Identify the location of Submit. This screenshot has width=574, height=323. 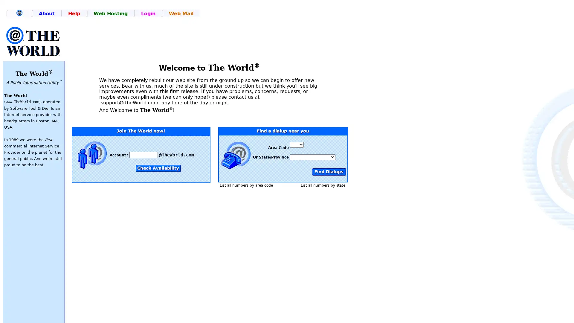
(158, 168).